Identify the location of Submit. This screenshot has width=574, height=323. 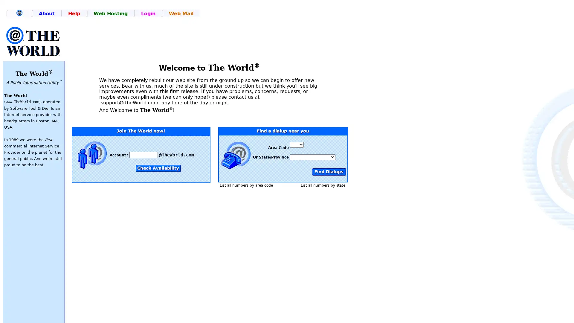
(158, 168).